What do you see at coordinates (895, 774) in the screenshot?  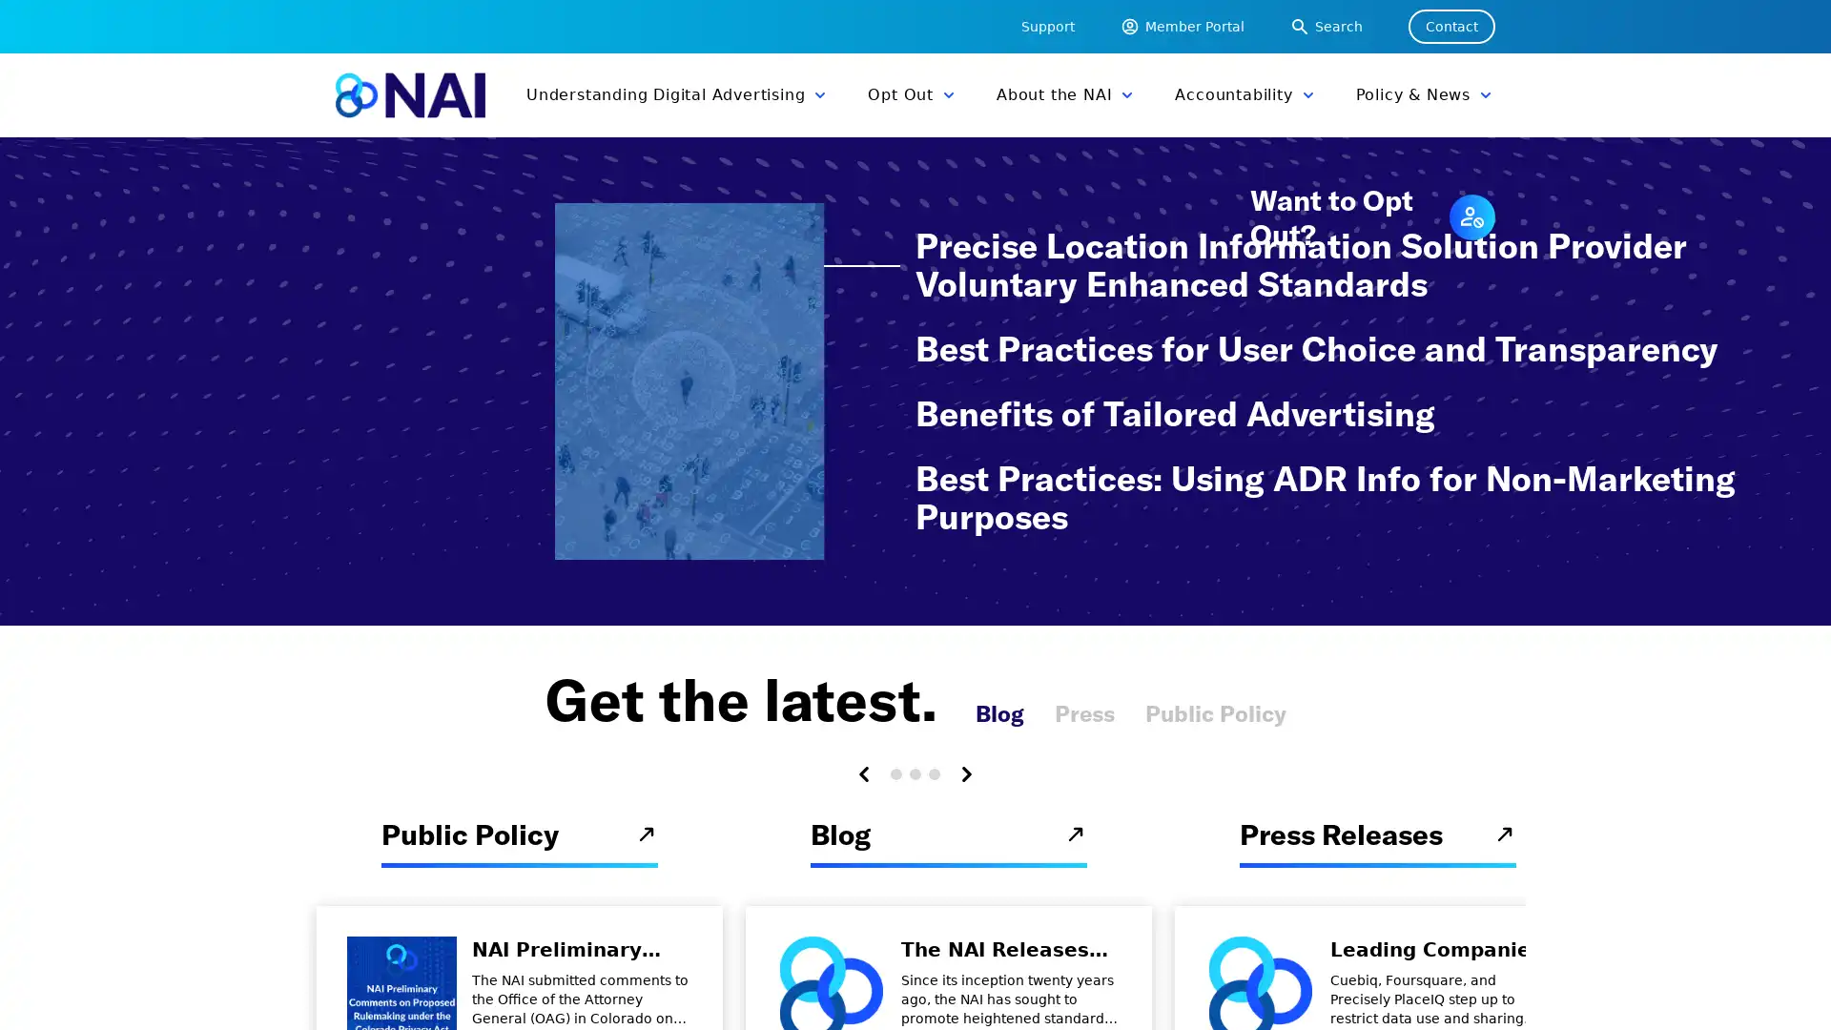 I see `Carousel Page 1 (Current Slide)` at bounding box center [895, 774].